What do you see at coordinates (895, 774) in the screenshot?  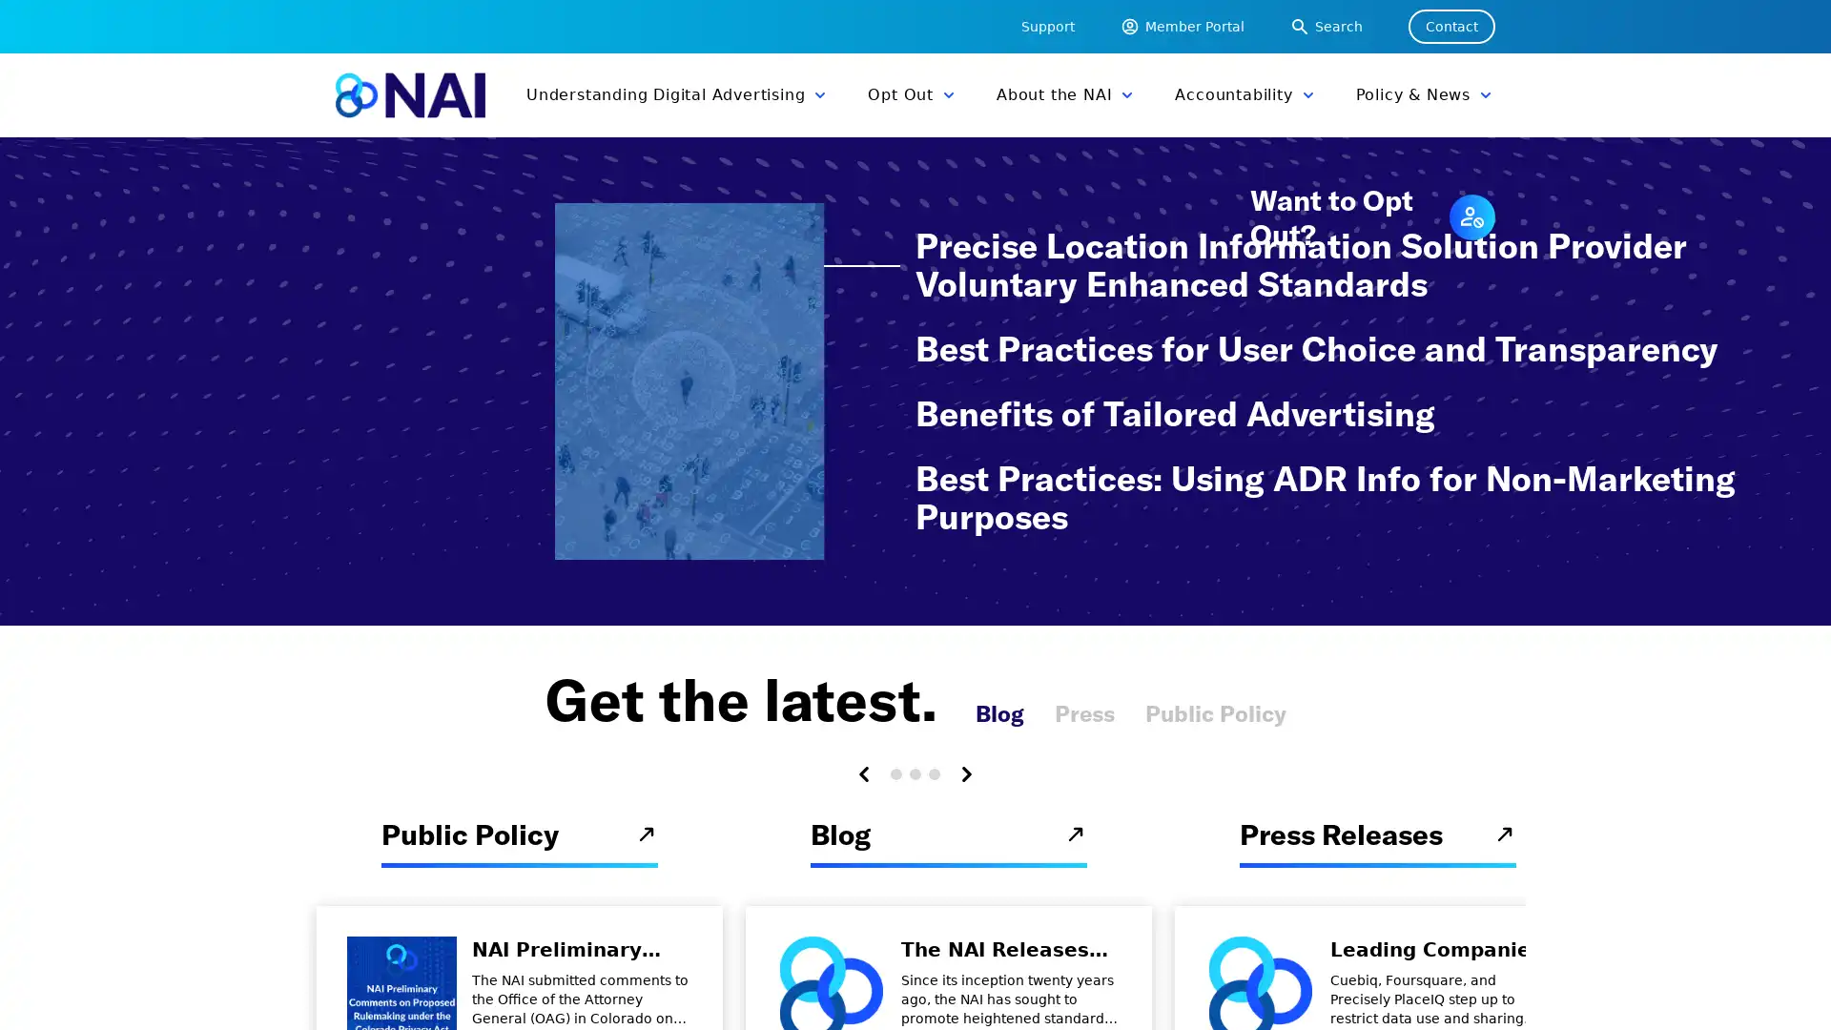 I see `Carousel Page 1 (Current Slide)` at bounding box center [895, 774].